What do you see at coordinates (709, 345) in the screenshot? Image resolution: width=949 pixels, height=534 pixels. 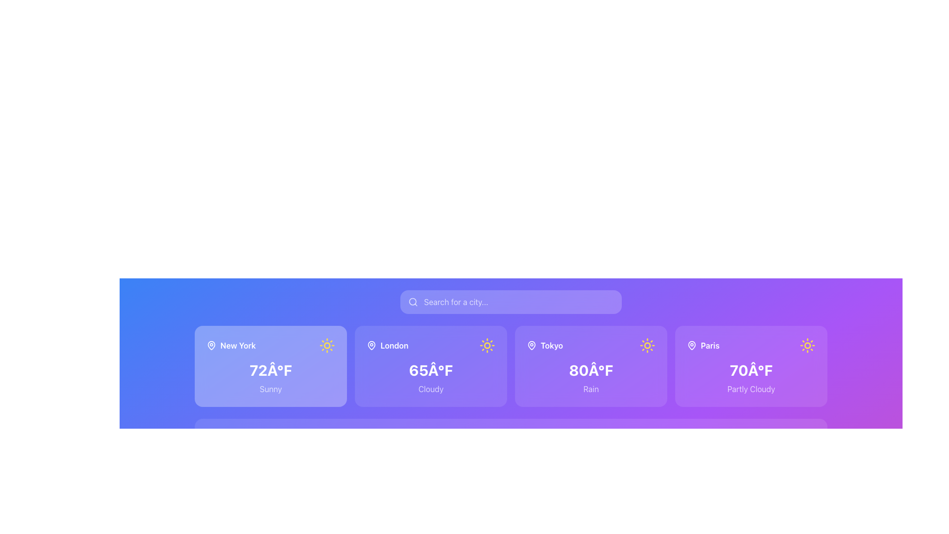 I see `the 'Paris' text label, displayed in white bold font on a purple background` at bounding box center [709, 345].